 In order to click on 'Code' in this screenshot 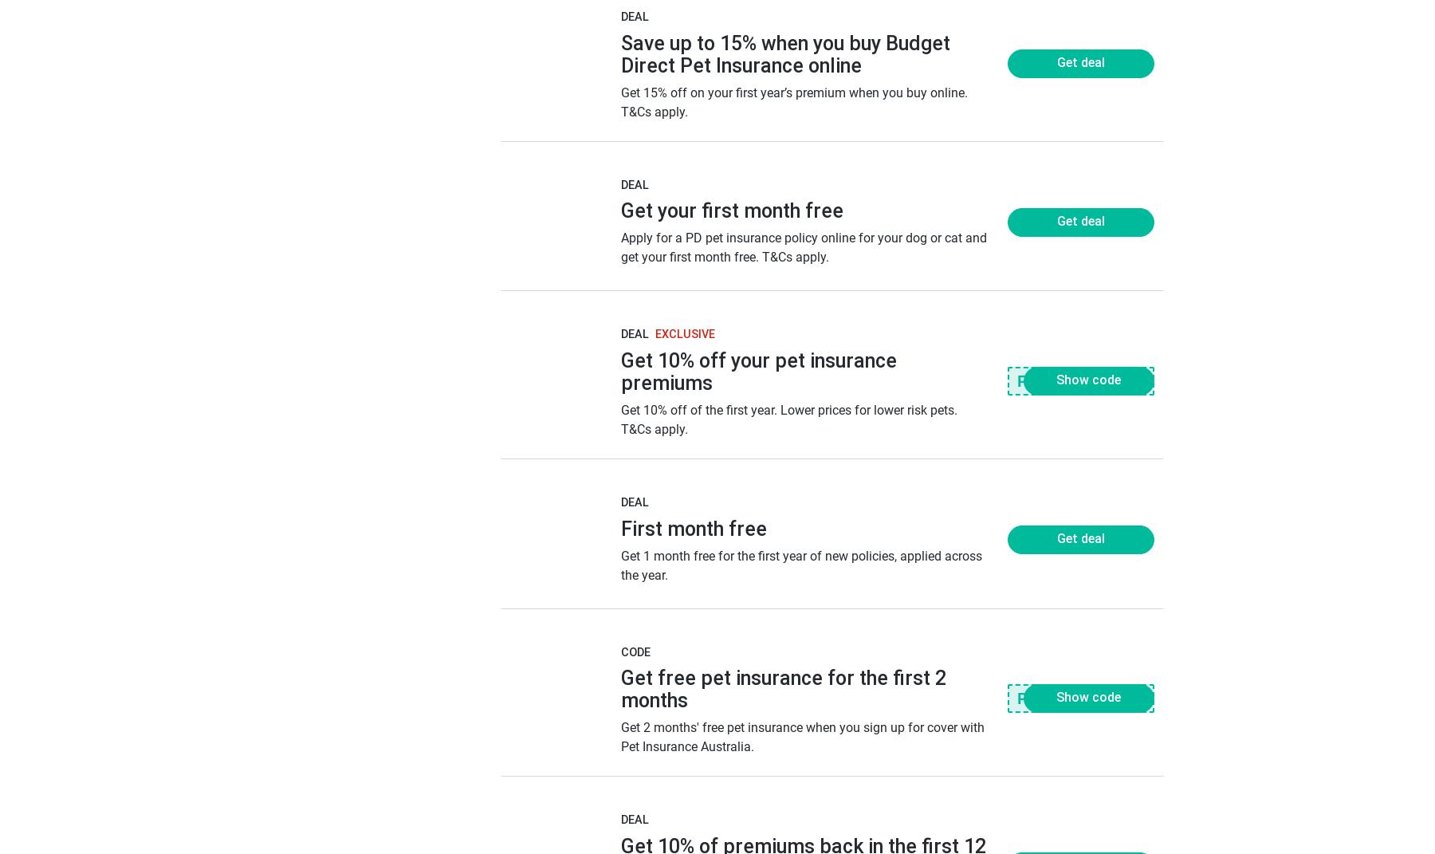, I will do `click(635, 651)`.